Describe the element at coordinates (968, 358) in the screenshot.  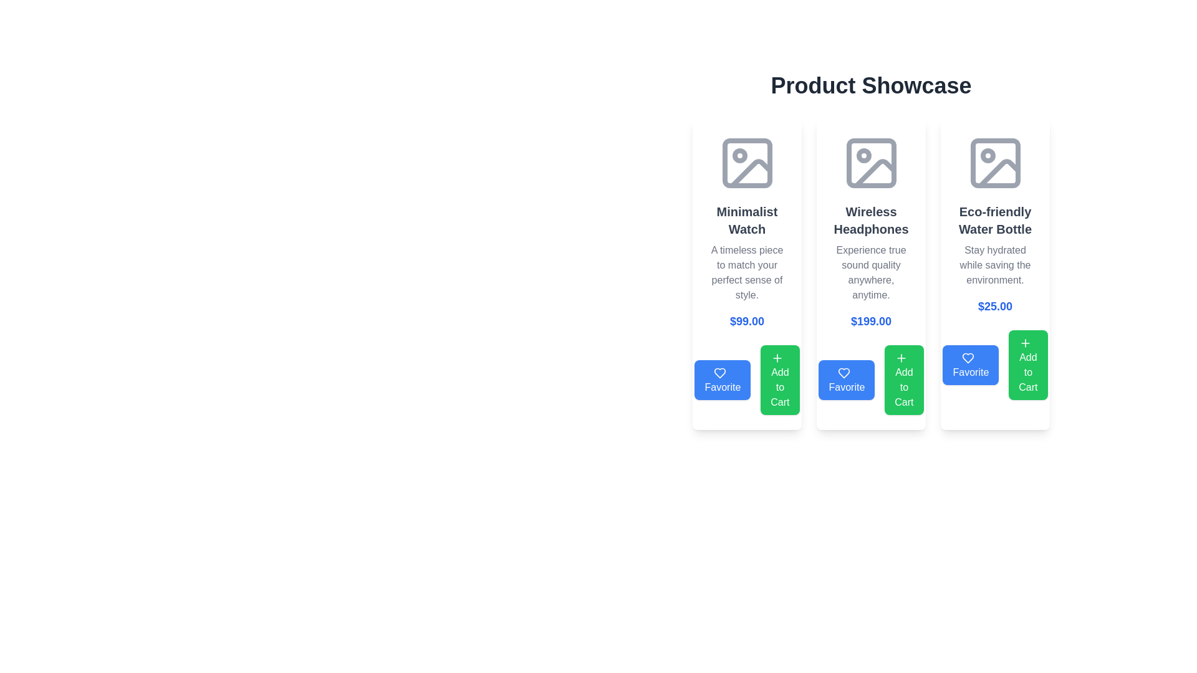
I see `the heart-shaped icon within the blue 'Favorite' button located at the bottom left of the third product card for the 'Eco-friendly Water Bottle'` at that location.